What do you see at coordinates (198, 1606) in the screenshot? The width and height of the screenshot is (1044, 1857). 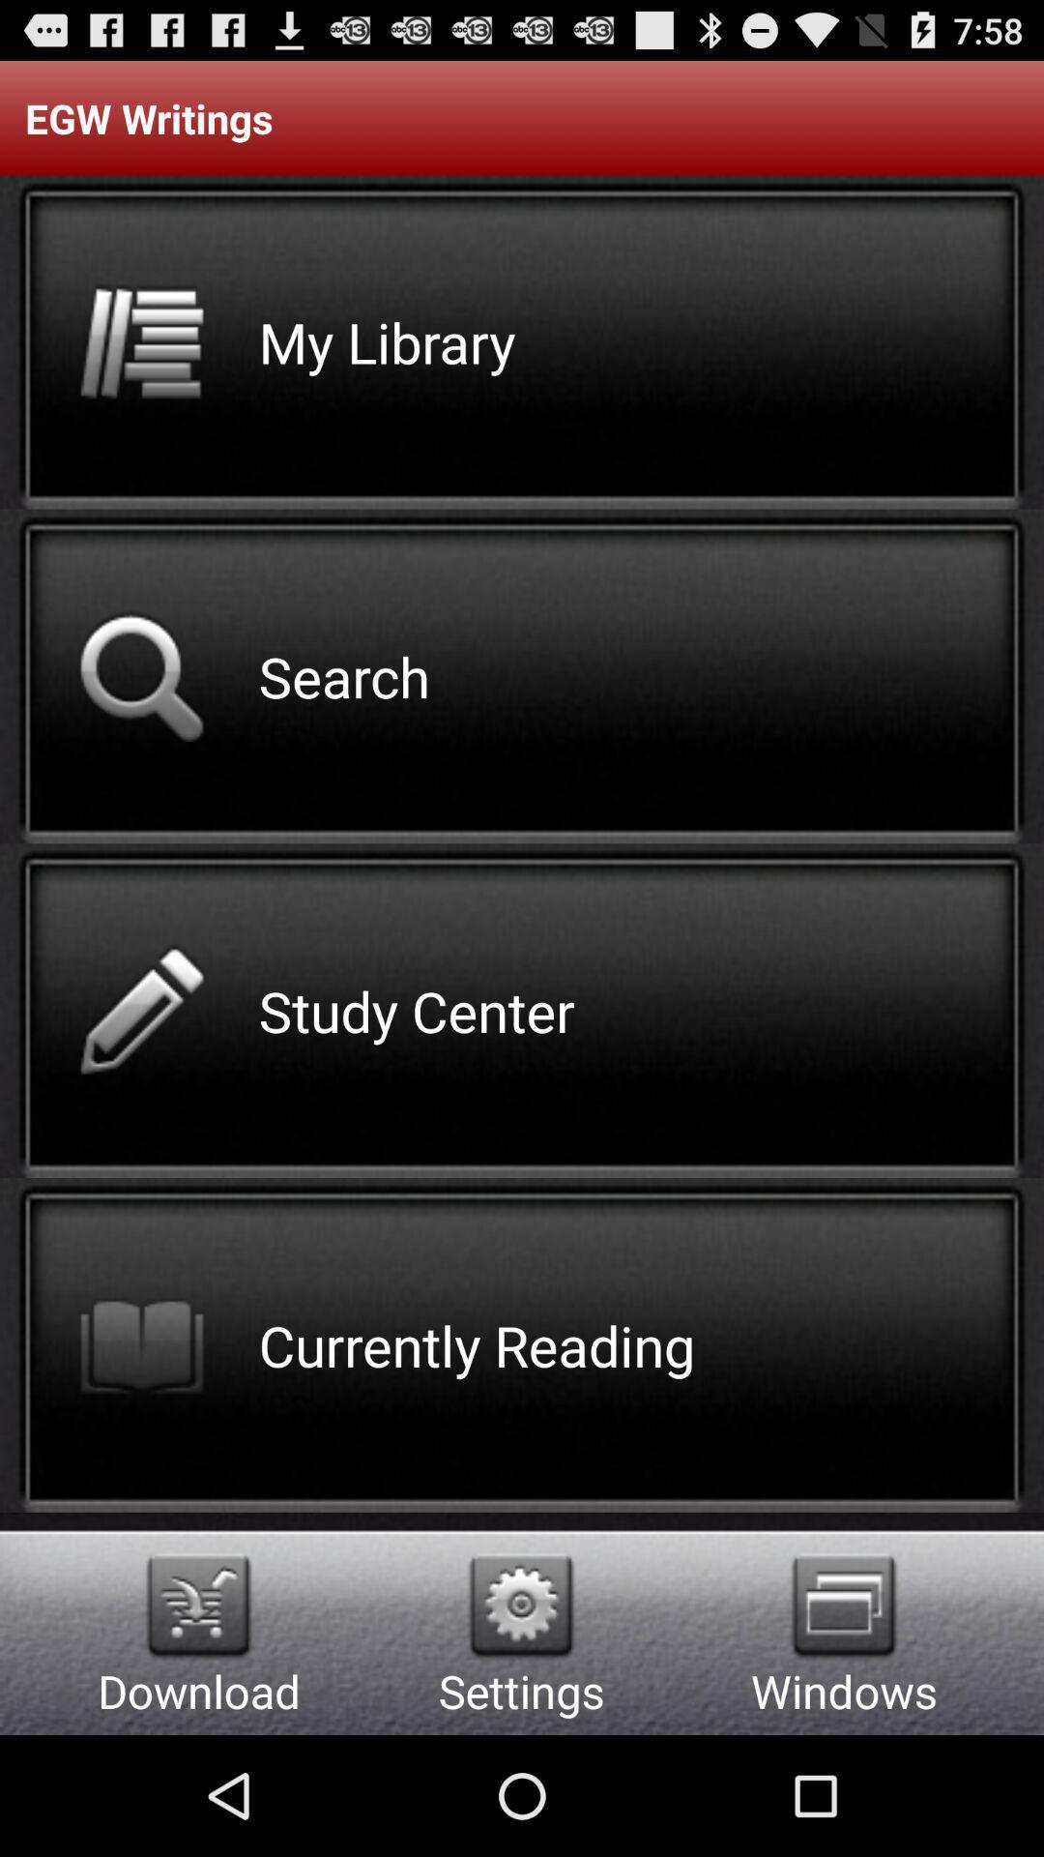 I see `icon next to the settings app` at bounding box center [198, 1606].